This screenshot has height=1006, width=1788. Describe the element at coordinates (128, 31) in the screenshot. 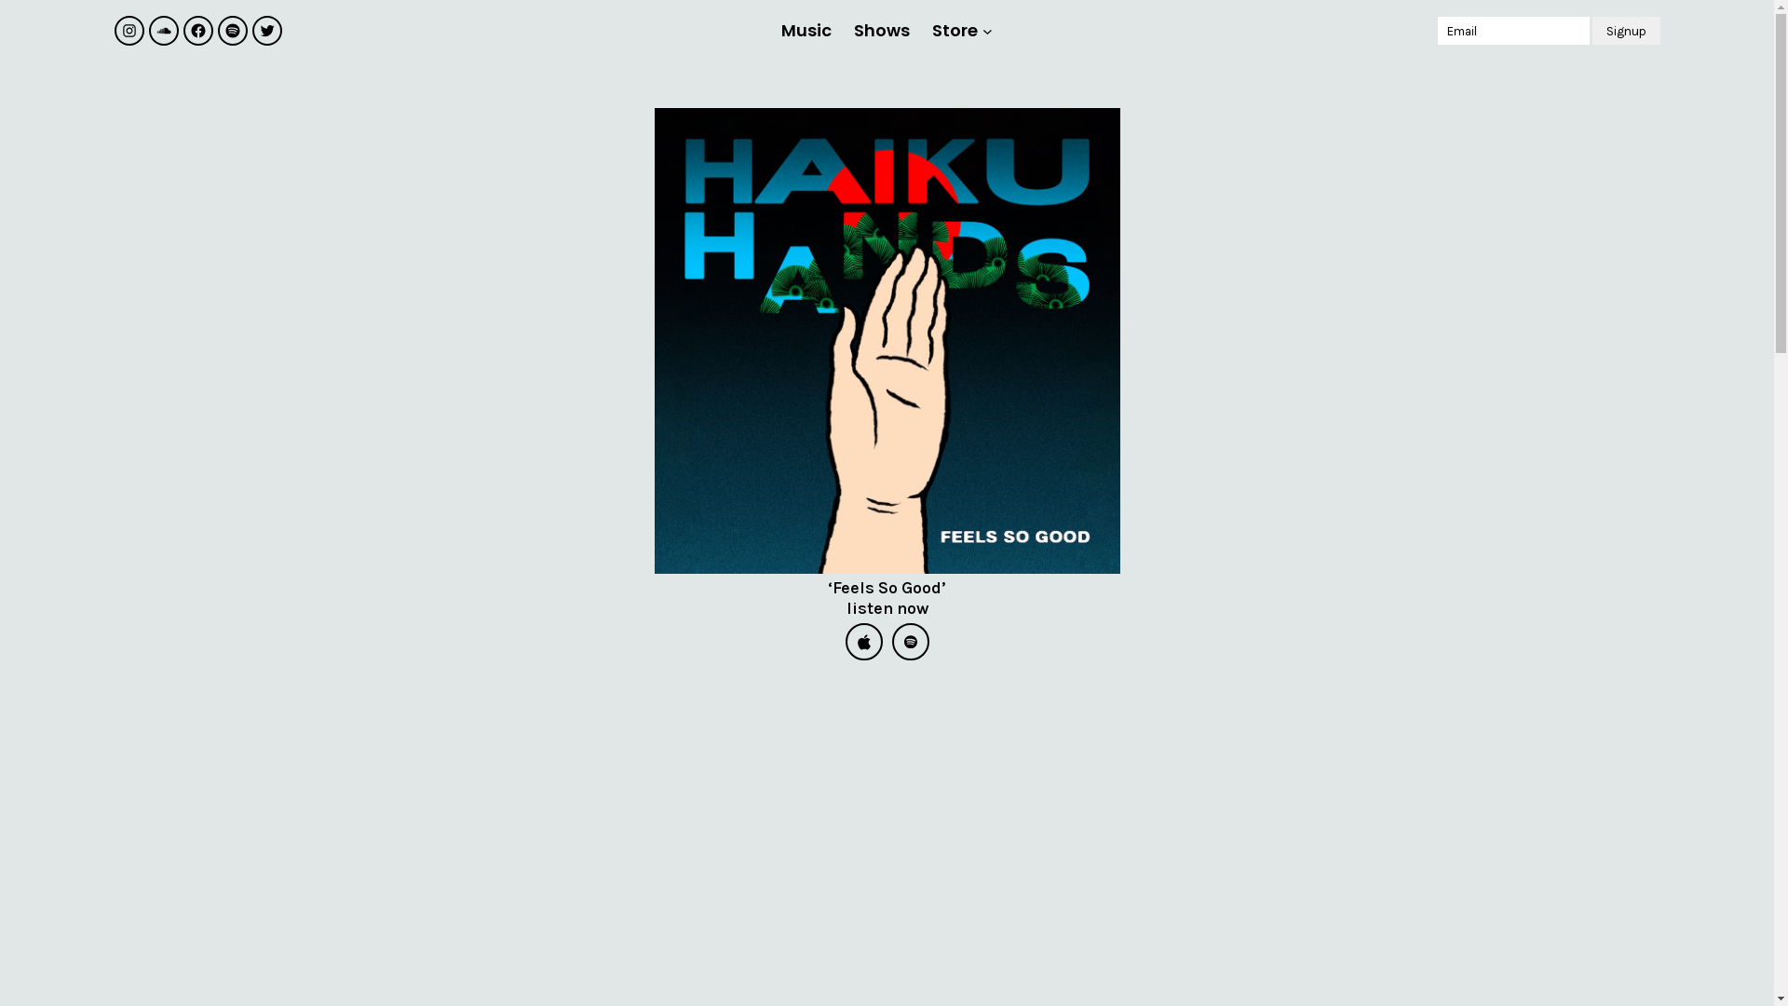

I see `'Instagram'` at that location.